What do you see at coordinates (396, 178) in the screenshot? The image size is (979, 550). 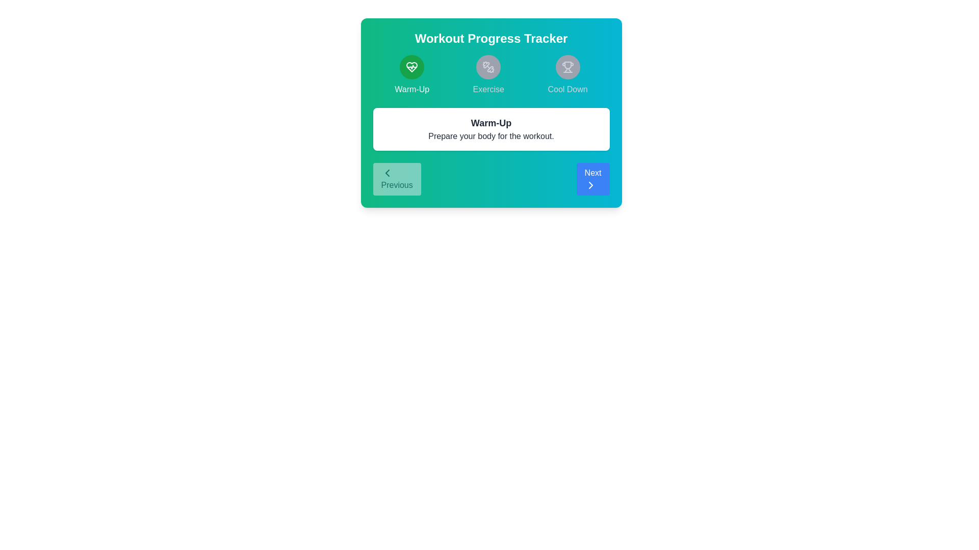 I see `the navigation button to move to the previous phase` at bounding box center [396, 178].